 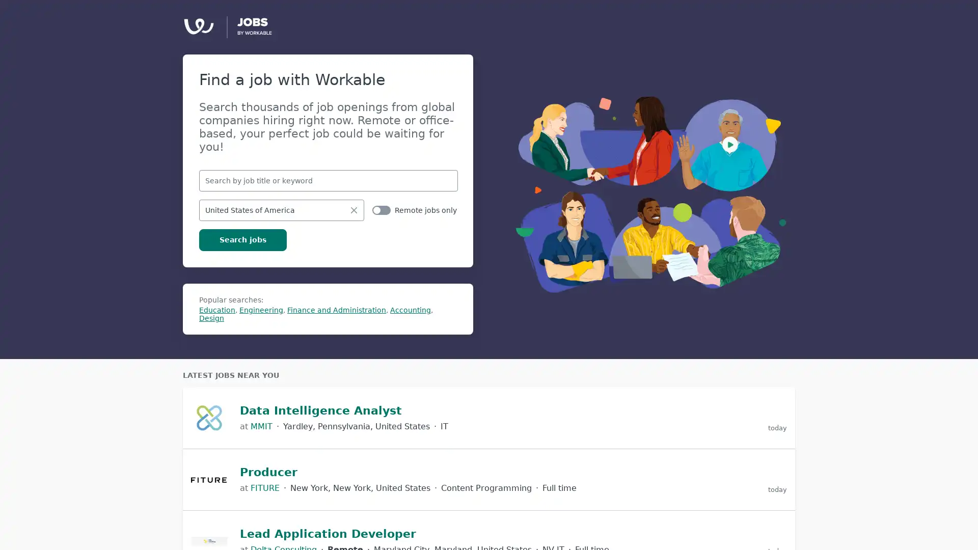 I want to click on FITURE, so click(x=265, y=487).